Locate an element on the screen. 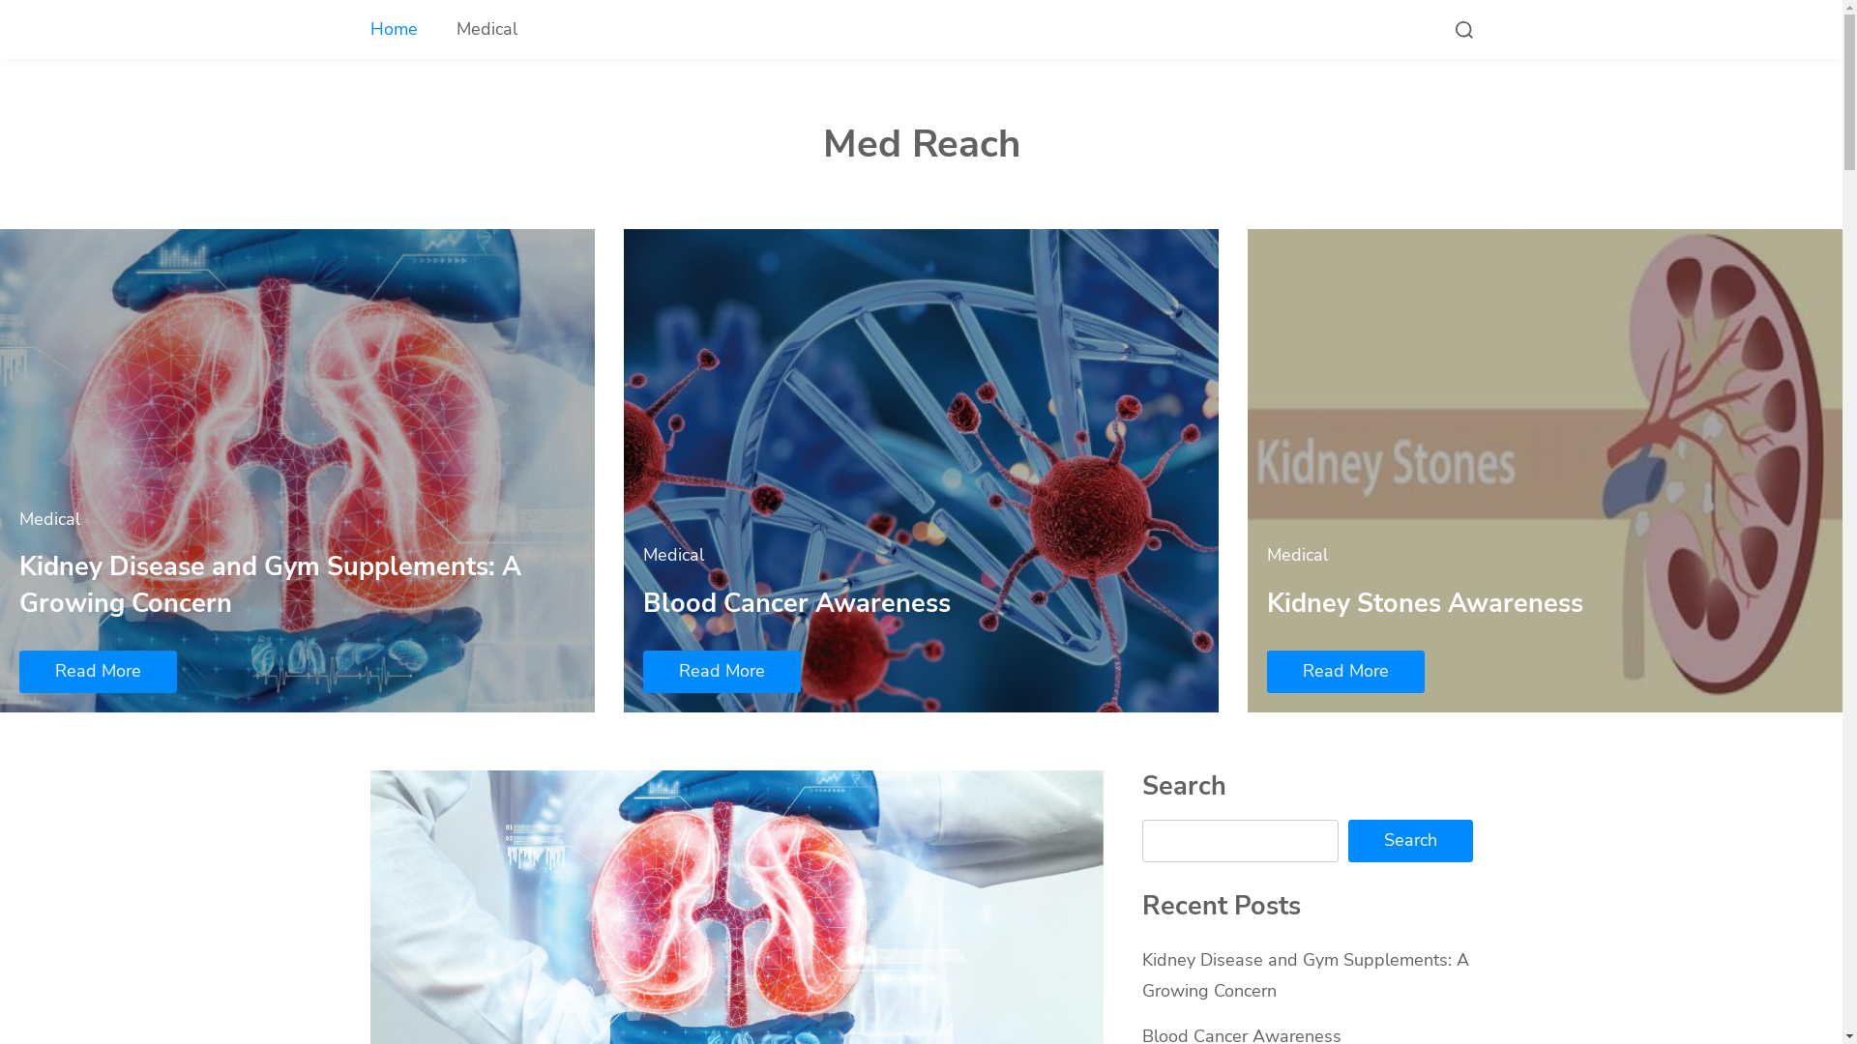 The height and width of the screenshot is (1044, 1857). 'Search' is located at coordinates (1410, 840).